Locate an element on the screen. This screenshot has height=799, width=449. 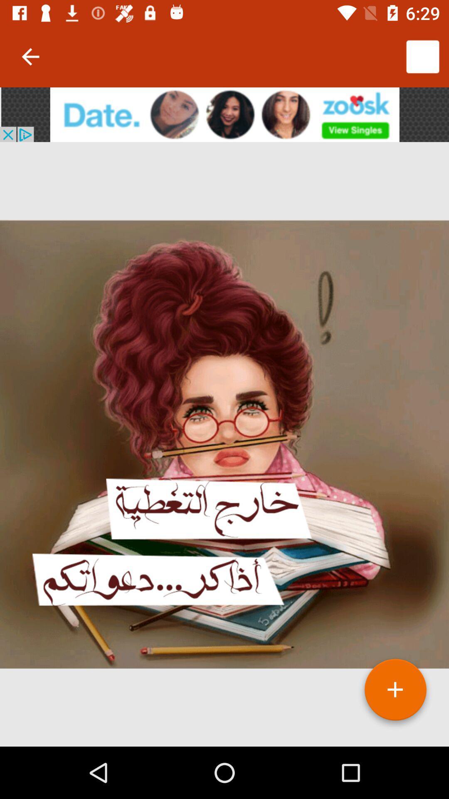
the add icon is located at coordinates (395, 693).